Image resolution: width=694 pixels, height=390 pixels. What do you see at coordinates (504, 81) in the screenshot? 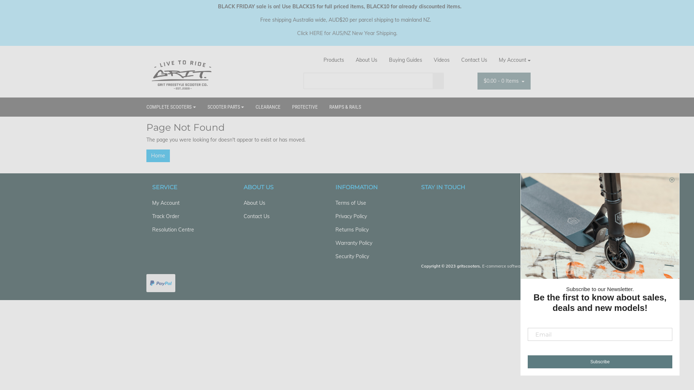
I see `'$0.00 - 0 Items'` at bounding box center [504, 81].